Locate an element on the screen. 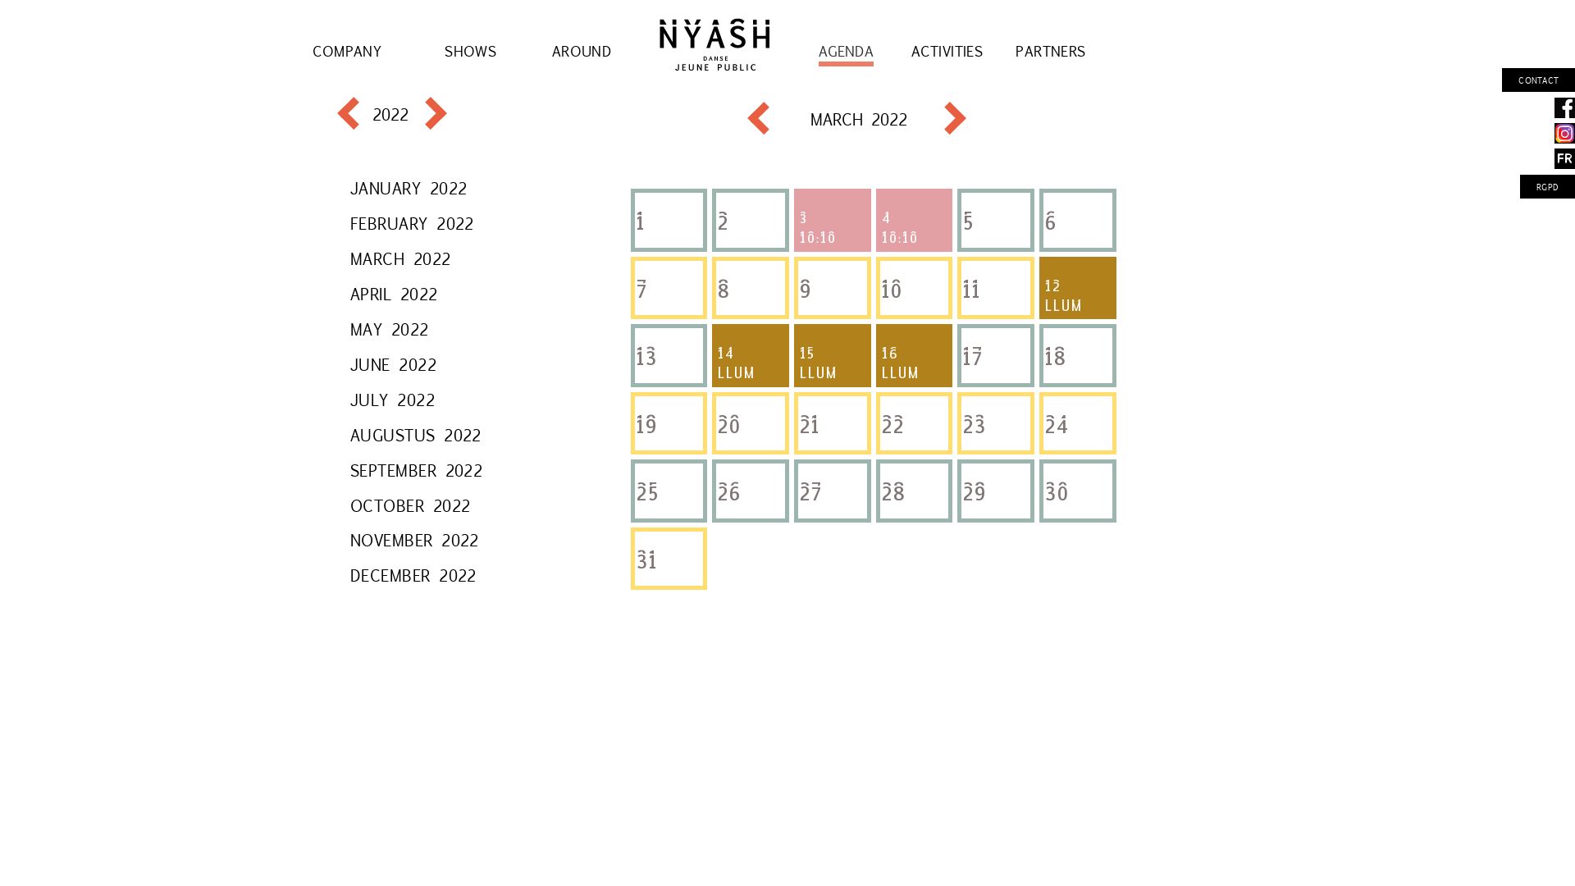 This screenshot has height=886, width=1575. 'COMPANY' is located at coordinates (295, 49).